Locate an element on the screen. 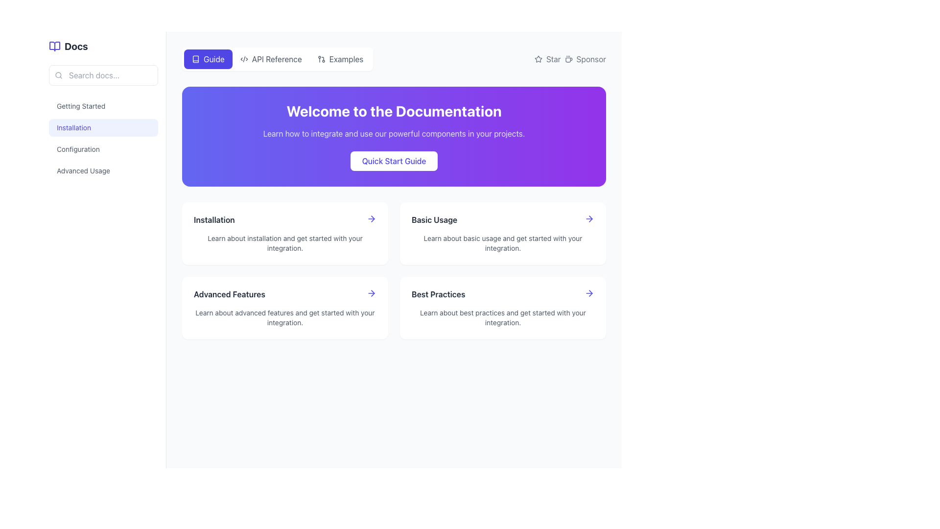 This screenshot has height=529, width=940. the Text Block that contains the text 'Learn how to integrate and use our powerful components in your projects.' styled with a light indigo font color on a purple gradient background, positioned below the header 'Welcome to the Documentation' is located at coordinates (394, 134).